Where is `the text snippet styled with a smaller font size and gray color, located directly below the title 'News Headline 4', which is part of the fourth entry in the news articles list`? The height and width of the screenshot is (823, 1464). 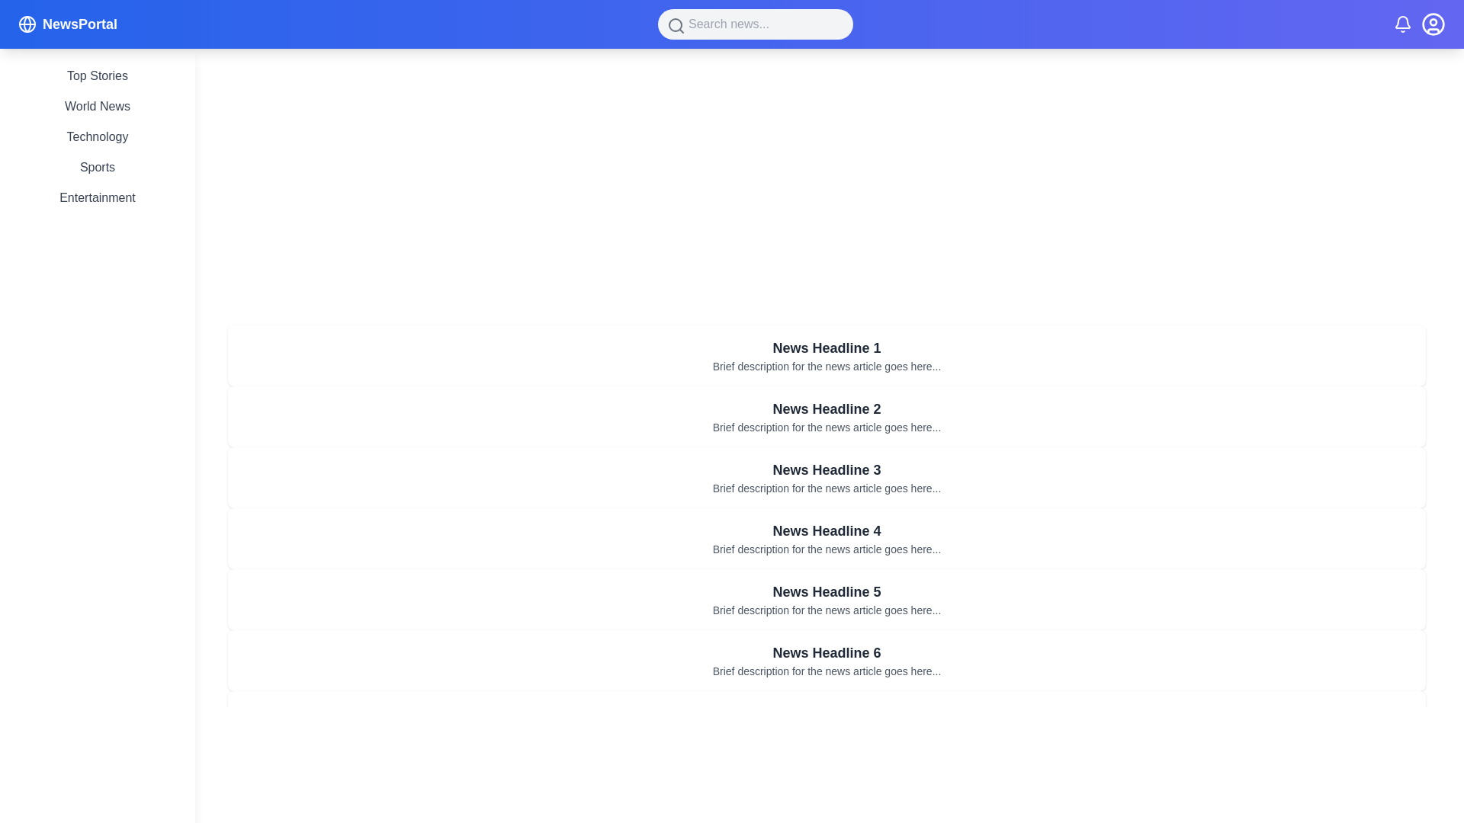 the text snippet styled with a smaller font size and gray color, located directly below the title 'News Headline 4', which is part of the fourth entry in the news articles list is located at coordinates (826, 549).